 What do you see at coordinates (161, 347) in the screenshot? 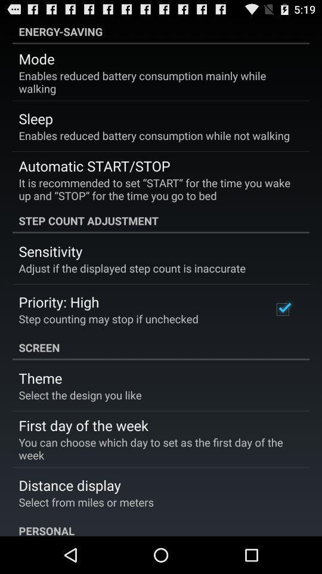
I see `the icon above the theme icon` at bounding box center [161, 347].